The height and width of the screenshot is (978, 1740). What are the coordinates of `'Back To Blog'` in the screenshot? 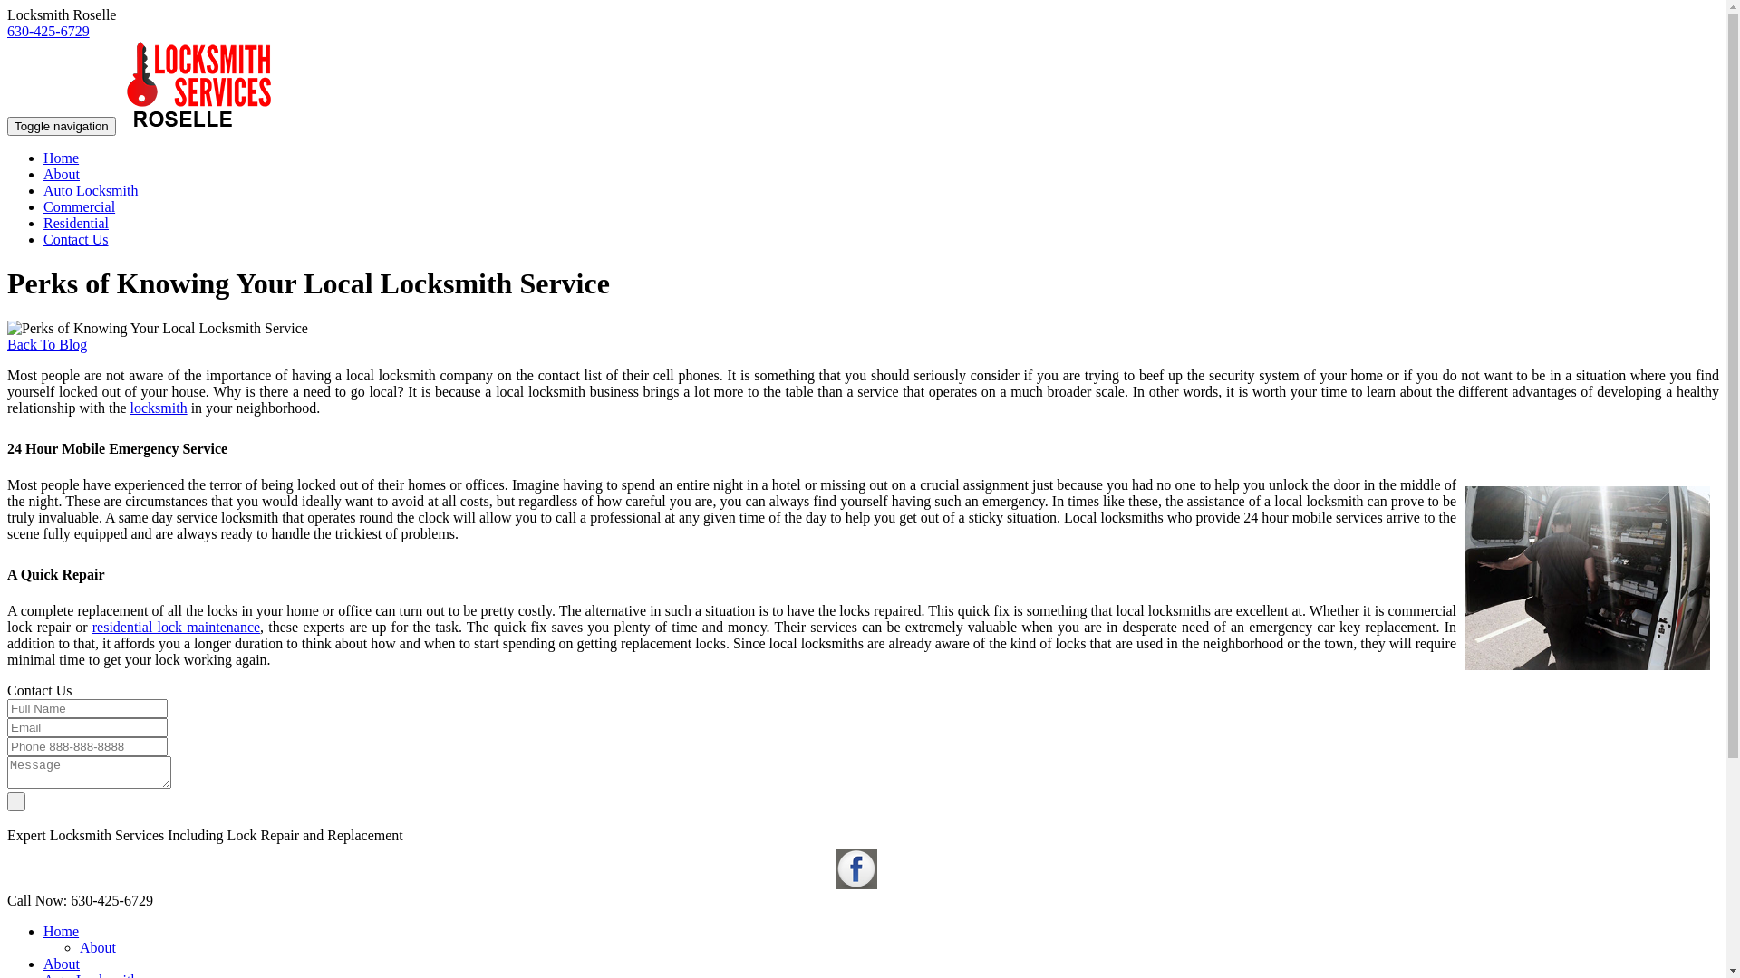 It's located at (47, 344).